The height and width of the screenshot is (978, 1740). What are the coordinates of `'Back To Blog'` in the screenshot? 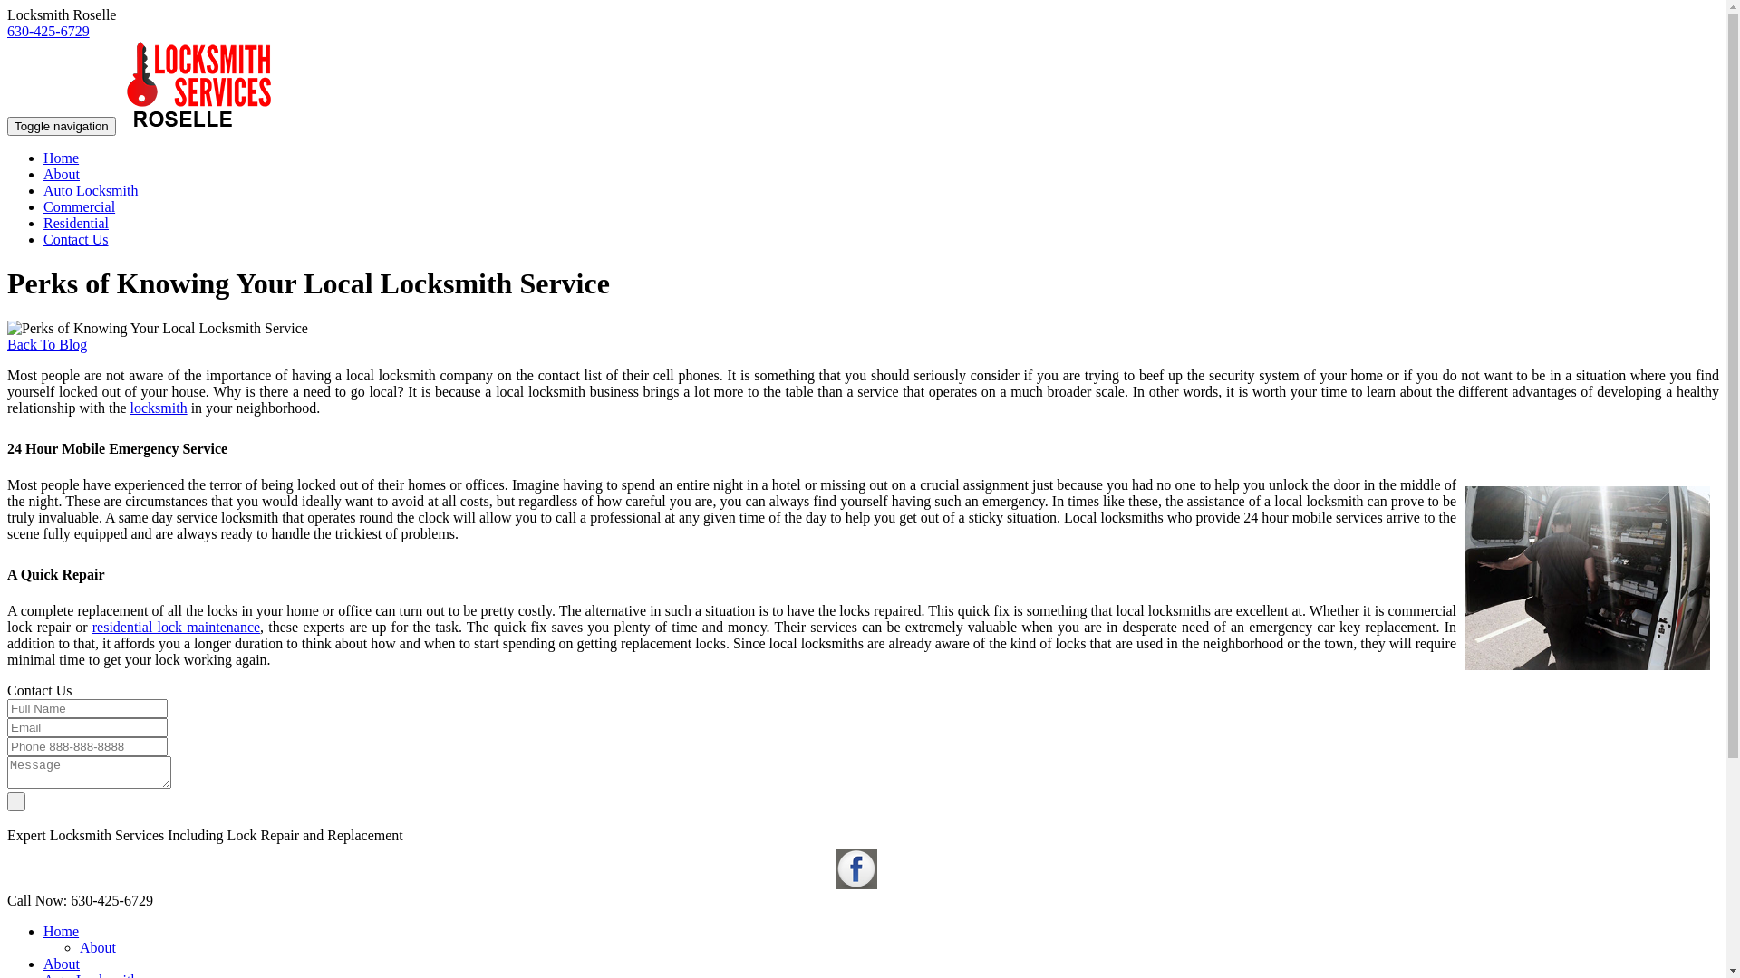 It's located at (47, 344).